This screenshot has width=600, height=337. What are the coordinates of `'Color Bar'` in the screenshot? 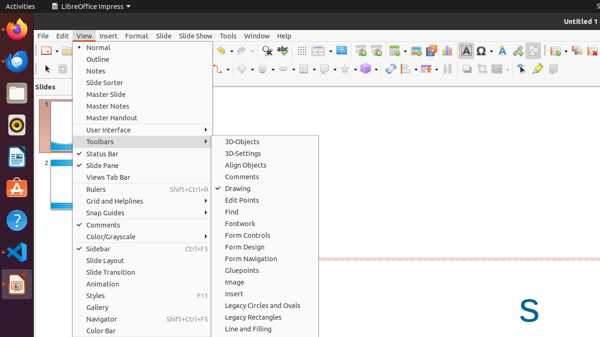 It's located at (142, 330).